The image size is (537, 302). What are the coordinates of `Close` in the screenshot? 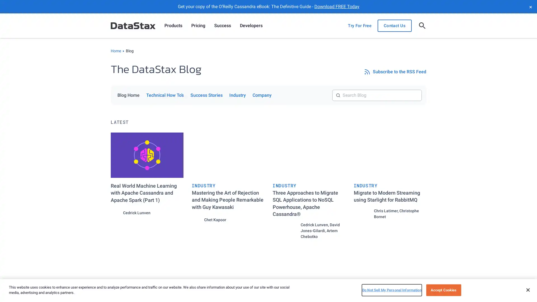 It's located at (527, 289).